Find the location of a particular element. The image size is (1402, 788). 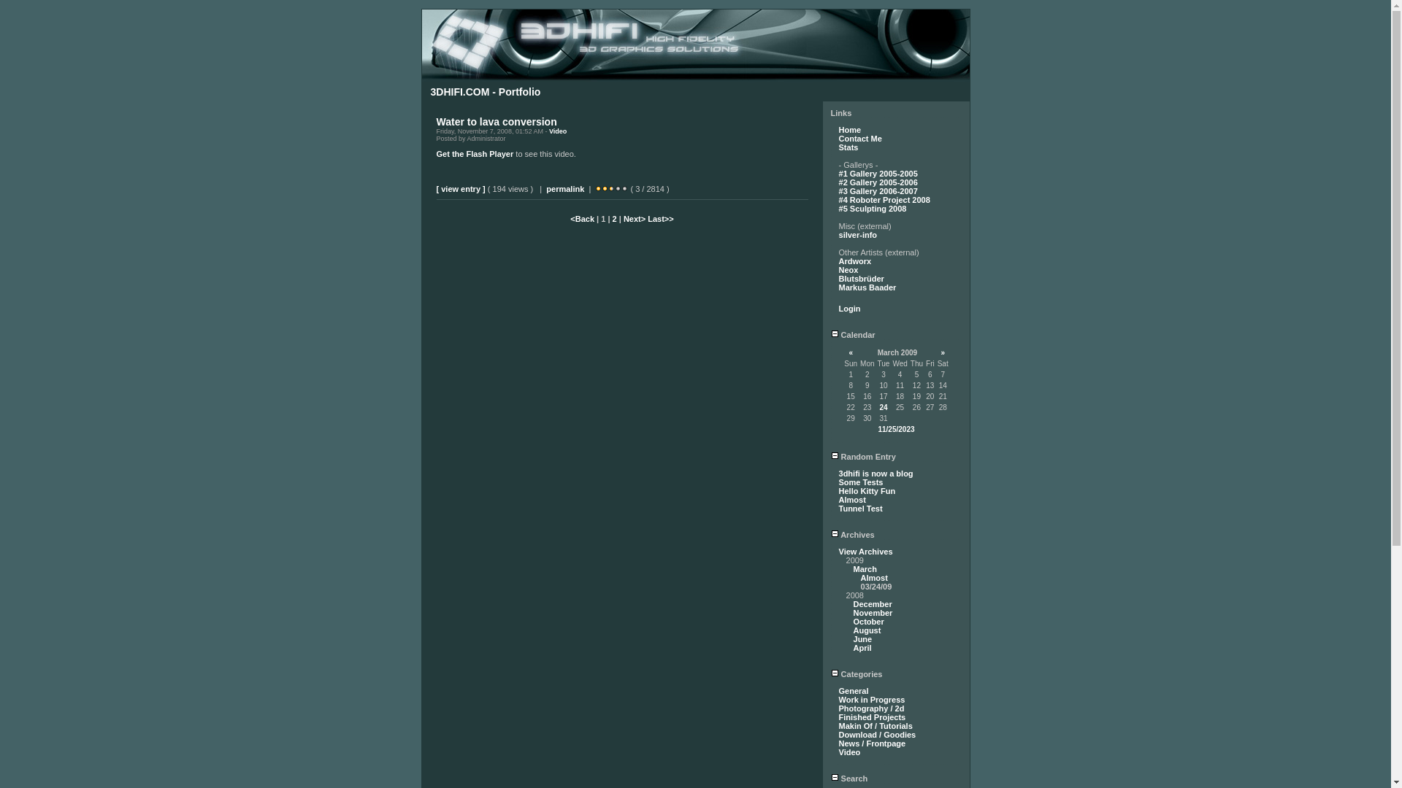

'Home' is located at coordinates (850, 128).